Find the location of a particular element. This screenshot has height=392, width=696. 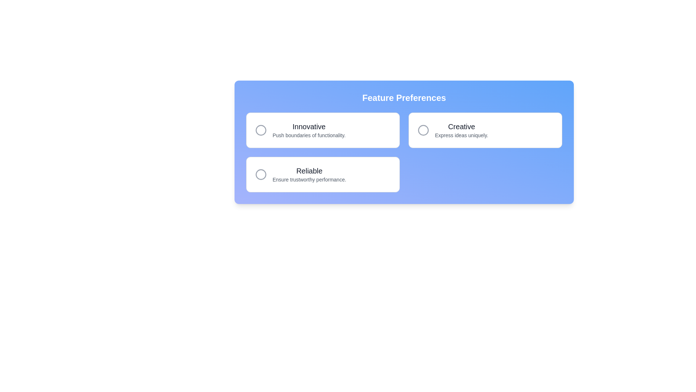

the static text label that provides context for the 'Innovative' feature, located directly below the 'Innovative' text in the 'Feature Preferences' panel is located at coordinates (309, 135).